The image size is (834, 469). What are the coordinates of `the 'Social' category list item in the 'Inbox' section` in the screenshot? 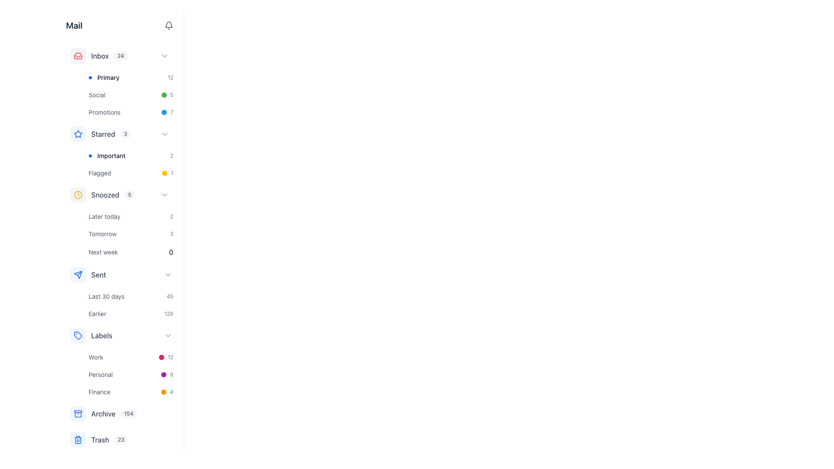 It's located at (130, 95).